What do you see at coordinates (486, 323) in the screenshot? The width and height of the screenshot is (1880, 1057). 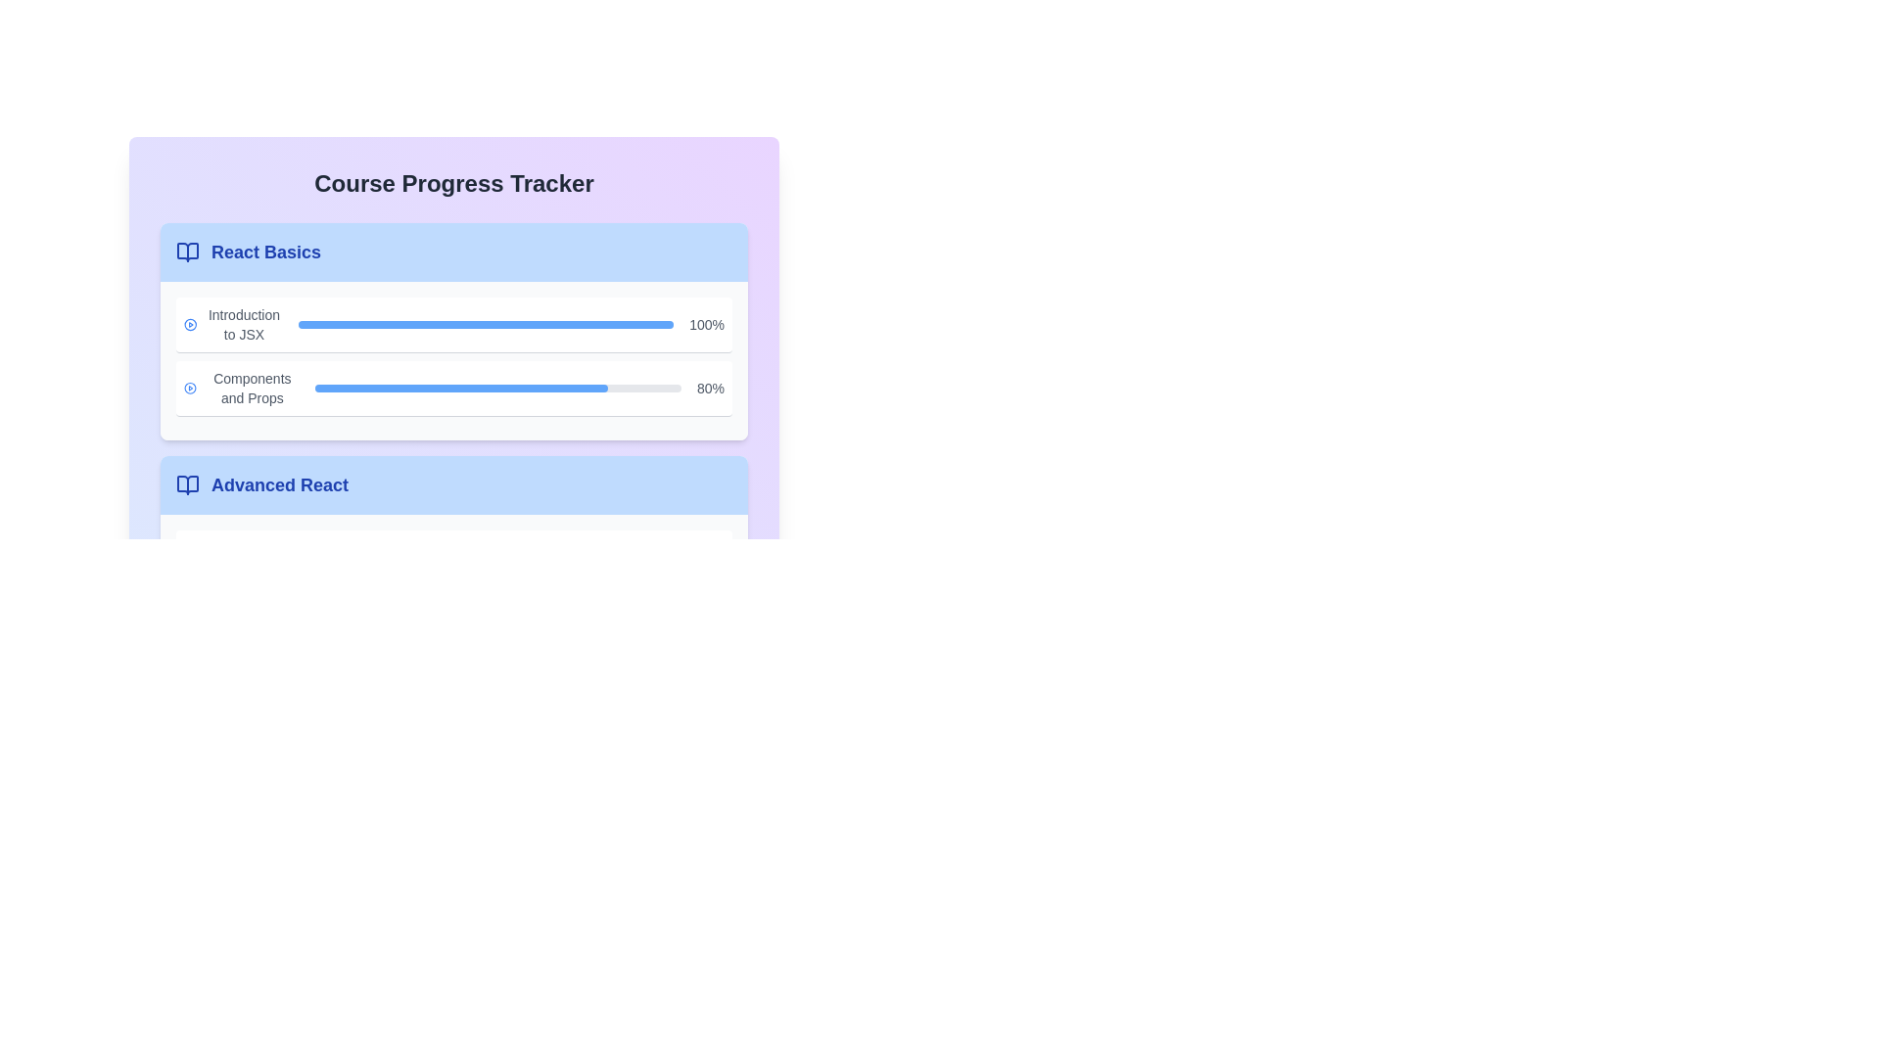 I see `the progress bar indicating 100% completion, which is styled with a gray background and blue filling, located within the 'Introduction to JSX' box` at bounding box center [486, 323].